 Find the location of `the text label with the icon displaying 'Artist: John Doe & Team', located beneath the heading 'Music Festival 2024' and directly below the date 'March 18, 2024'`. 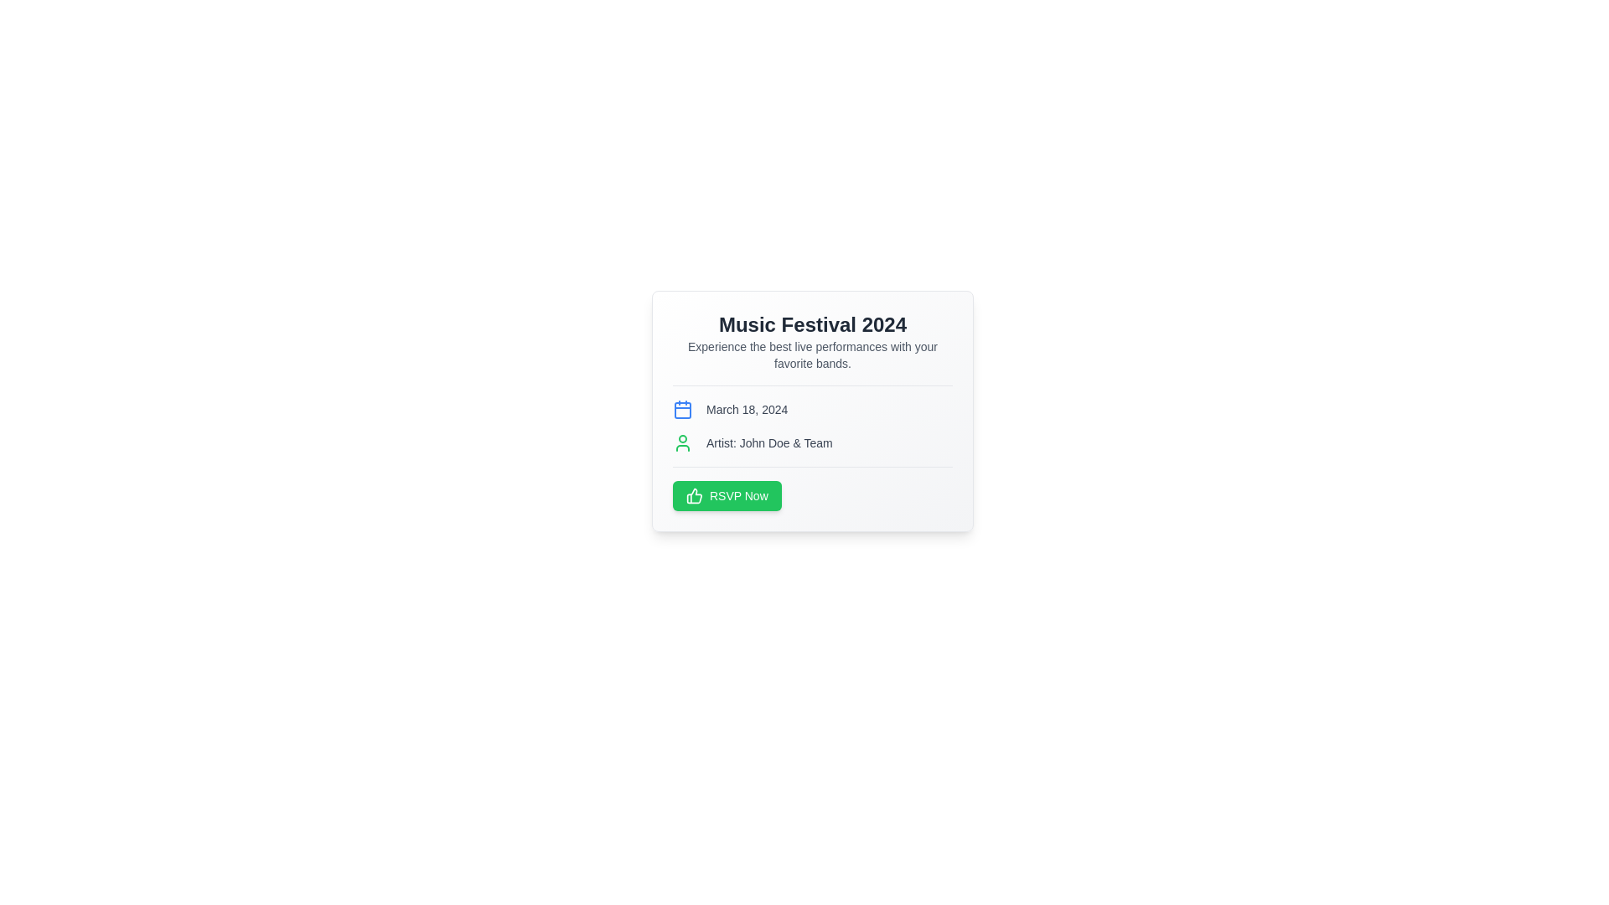

the text label with the icon displaying 'Artist: John Doe & Team', located beneath the heading 'Music Festival 2024' and directly below the date 'March 18, 2024' is located at coordinates (812, 442).